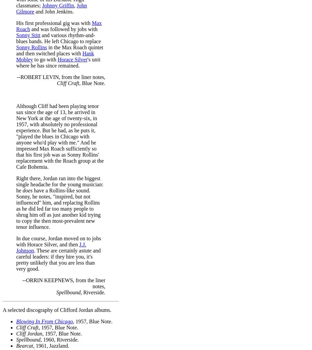 The width and height of the screenshot is (312, 350). What do you see at coordinates (3, 309) in the screenshot?
I see `'A selected discography of Clifford Jordan albums.'` at bounding box center [3, 309].